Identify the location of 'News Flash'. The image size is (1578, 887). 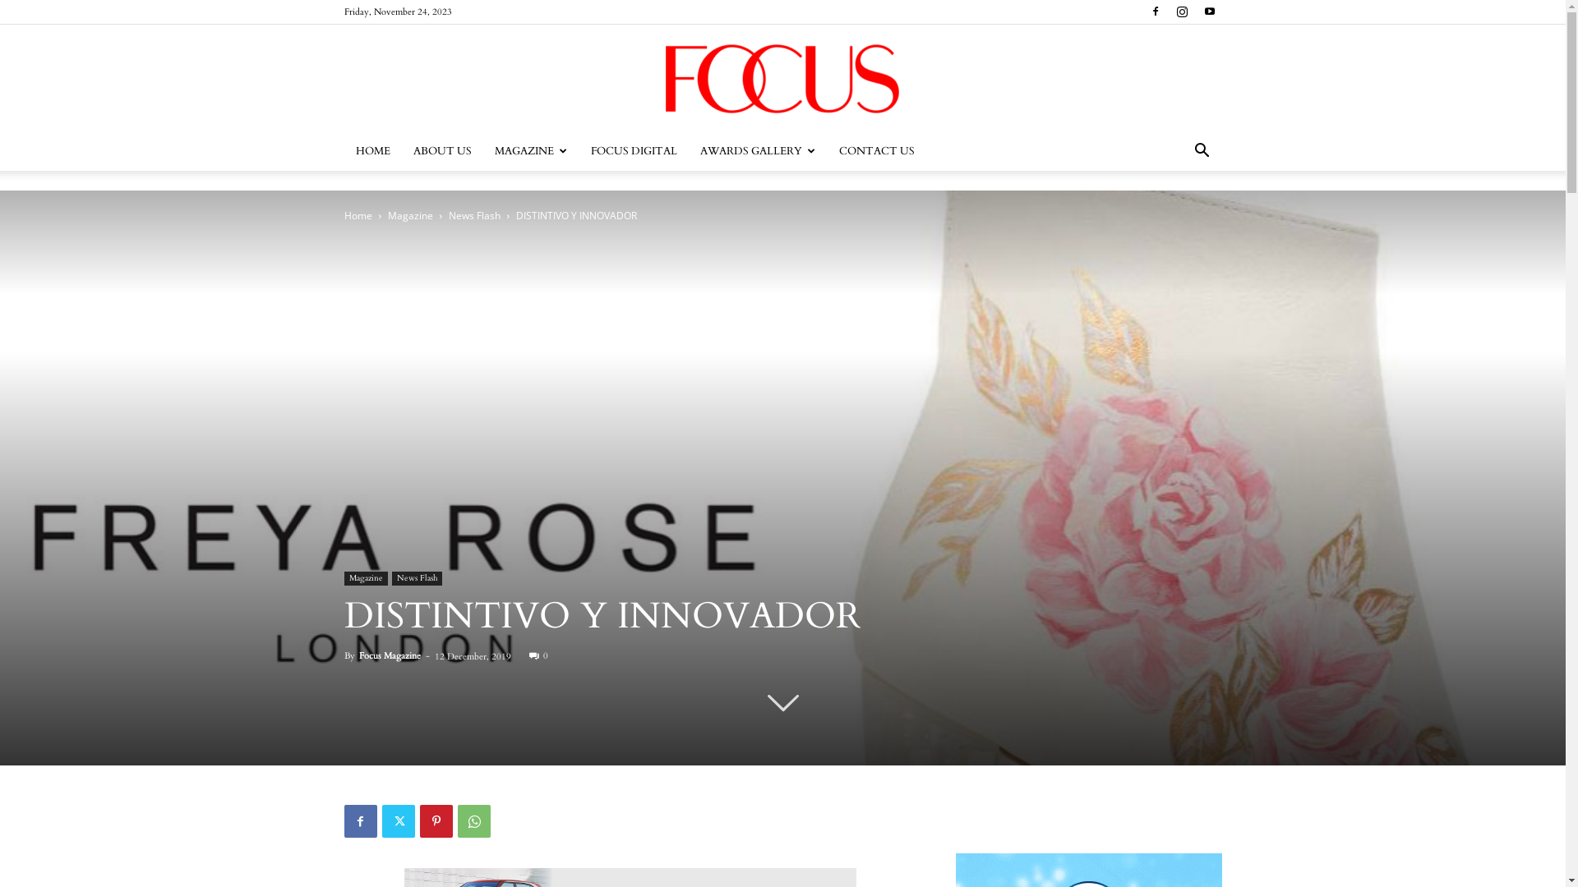
(416, 577).